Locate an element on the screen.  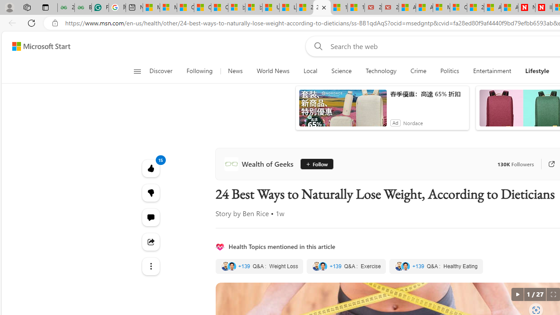
'Class: quote-thumbnail' is located at coordinates (406, 266).